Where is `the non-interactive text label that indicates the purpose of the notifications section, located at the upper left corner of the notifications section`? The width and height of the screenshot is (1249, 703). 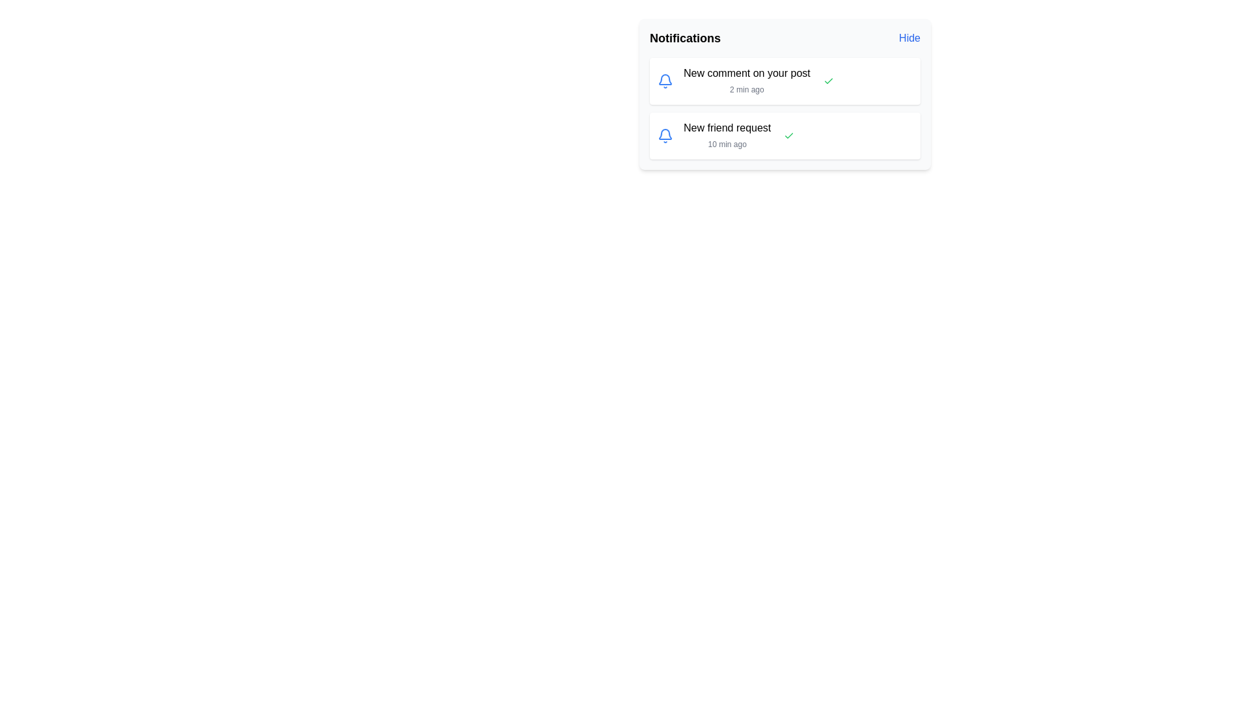 the non-interactive text label that indicates the purpose of the notifications section, located at the upper left corner of the notifications section is located at coordinates (684, 37).